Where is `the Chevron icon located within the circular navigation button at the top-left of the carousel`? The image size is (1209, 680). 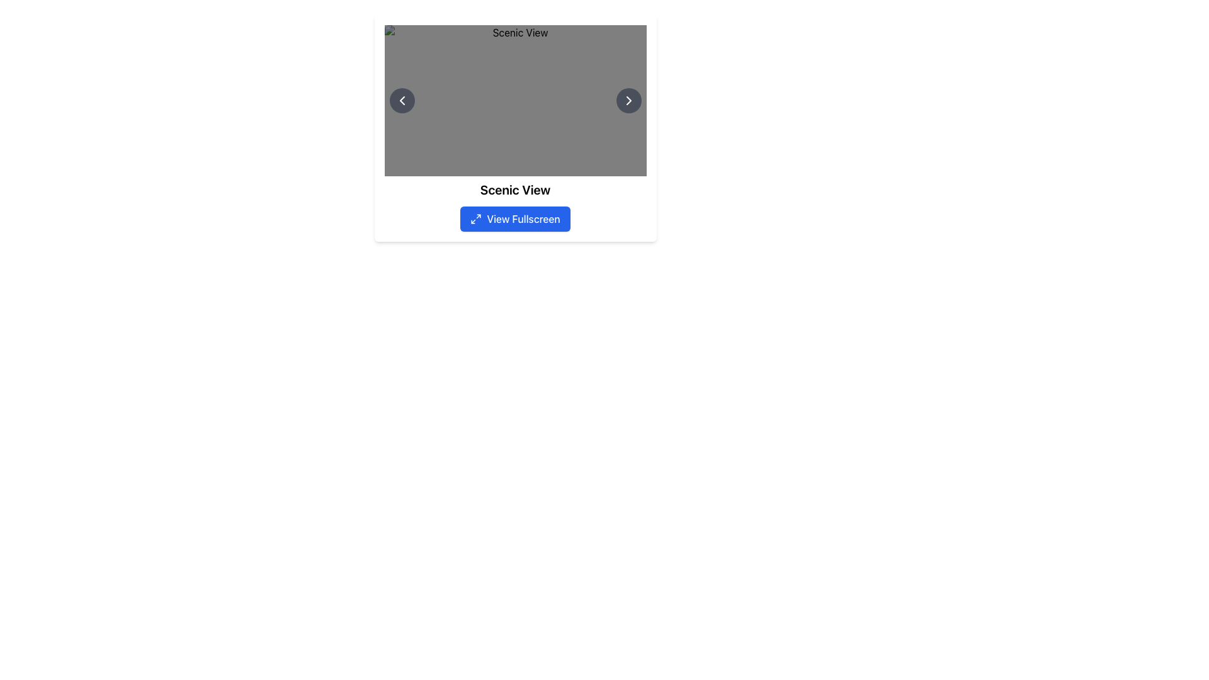 the Chevron icon located within the circular navigation button at the top-left of the carousel is located at coordinates (401, 99).